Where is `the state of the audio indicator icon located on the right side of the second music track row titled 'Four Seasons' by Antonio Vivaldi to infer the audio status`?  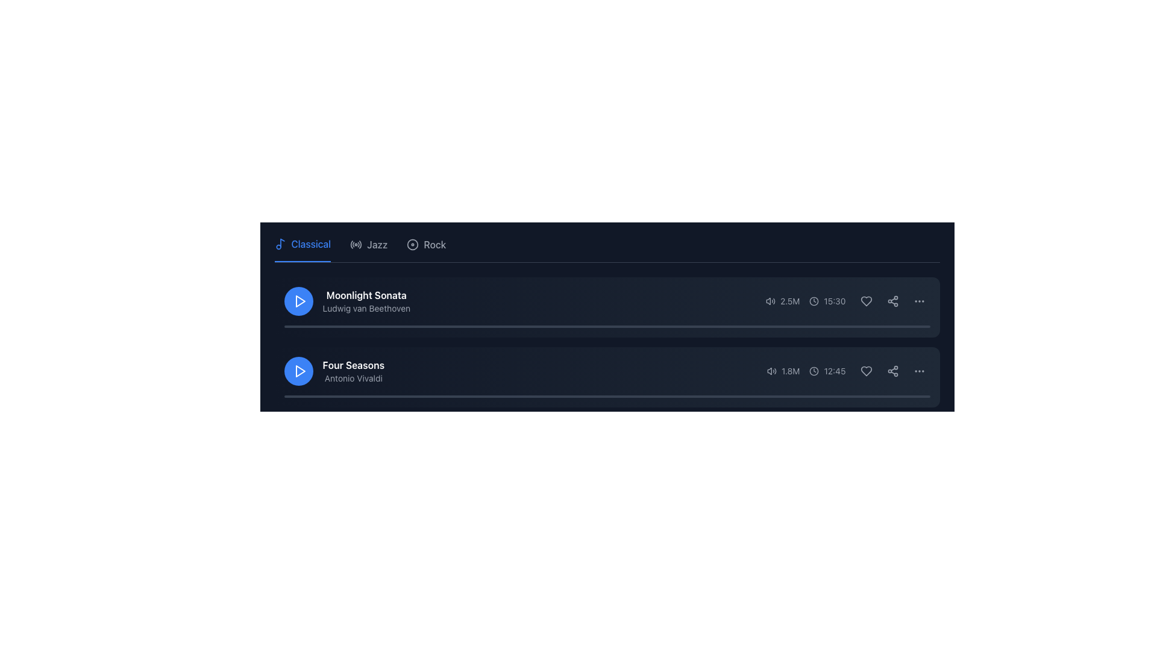
the state of the audio indicator icon located on the right side of the second music track row titled 'Four Seasons' by Antonio Vivaldi to infer the audio status is located at coordinates (769, 371).